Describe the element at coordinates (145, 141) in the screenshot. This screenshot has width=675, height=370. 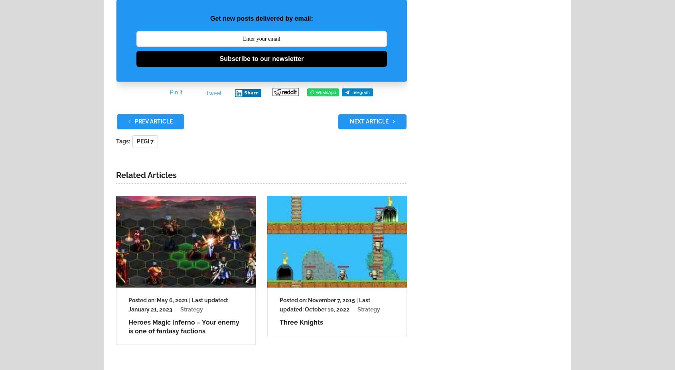
I see `'PEGI 7'` at that location.